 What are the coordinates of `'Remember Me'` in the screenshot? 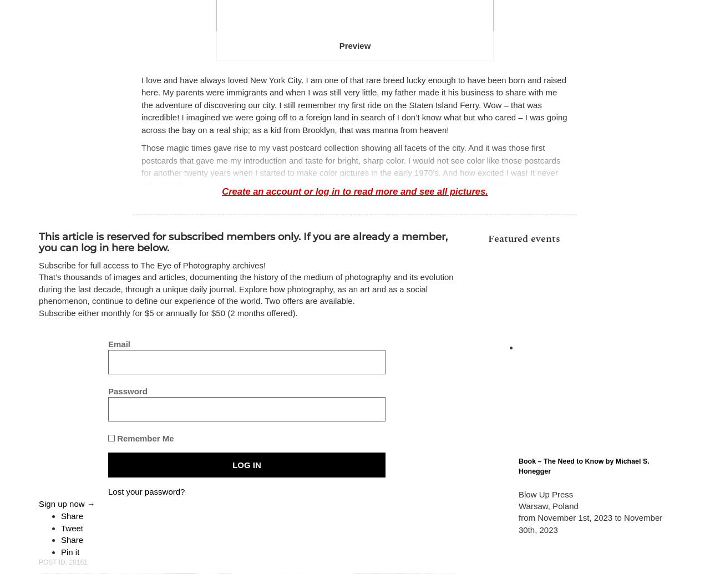 It's located at (143, 437).